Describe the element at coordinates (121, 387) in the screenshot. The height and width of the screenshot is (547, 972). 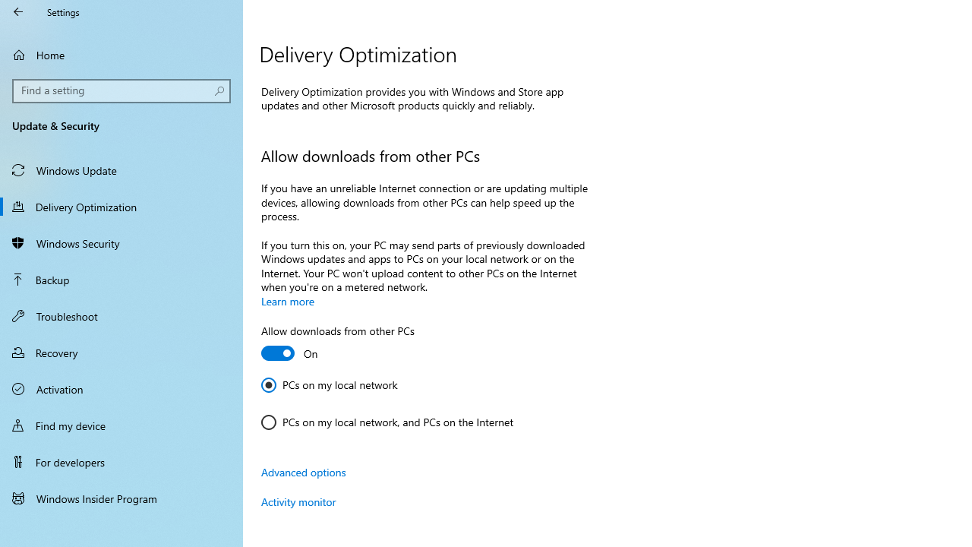
I see `'Activation'` at that location.